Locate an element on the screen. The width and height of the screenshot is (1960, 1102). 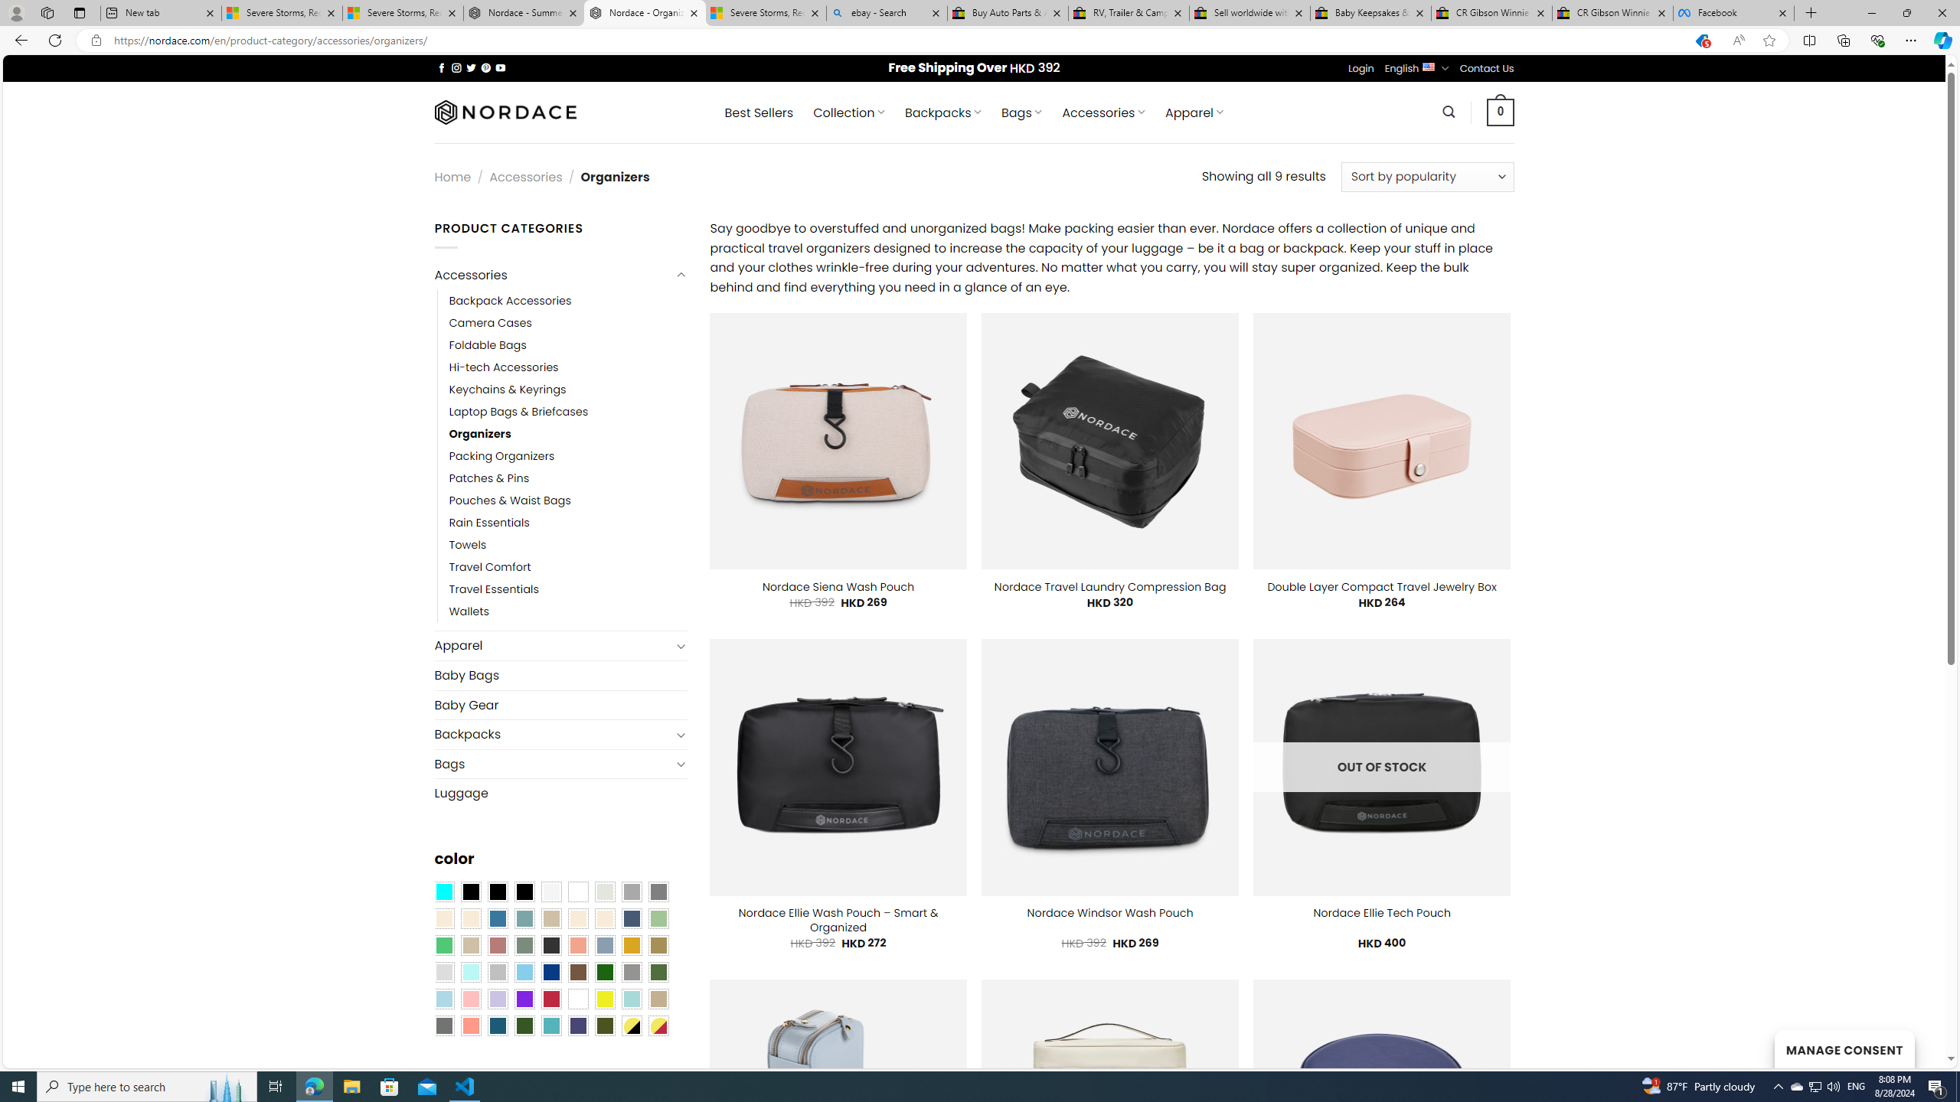
'Travel Comfort' is located at coordinates (567, 568).